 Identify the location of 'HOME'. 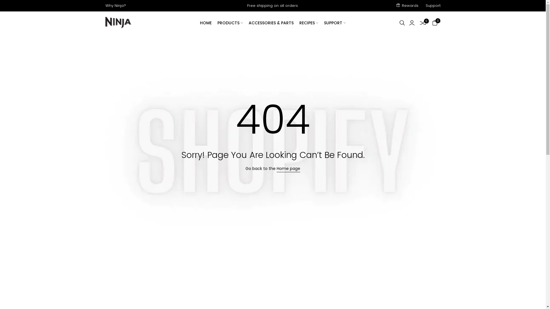
(200, 23).